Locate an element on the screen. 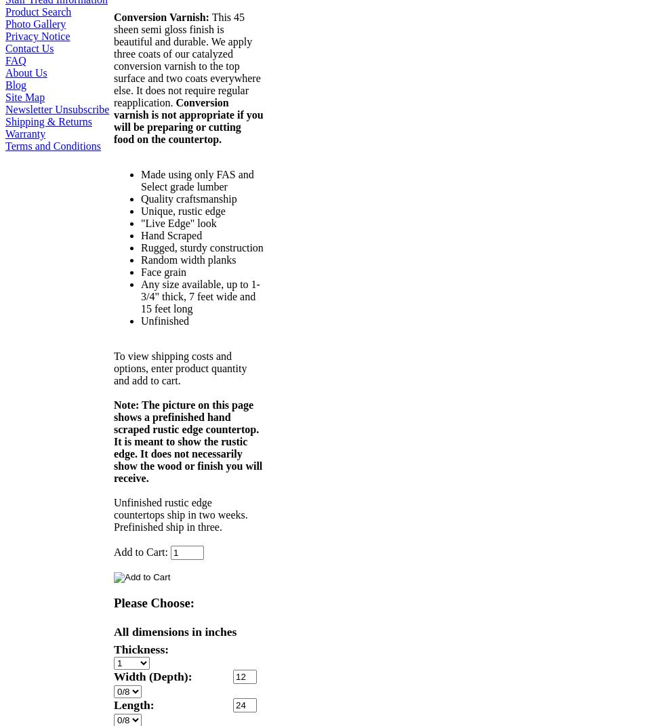 The image size is (656, 726). 'Face grain' is located at coordinates (163, 272).